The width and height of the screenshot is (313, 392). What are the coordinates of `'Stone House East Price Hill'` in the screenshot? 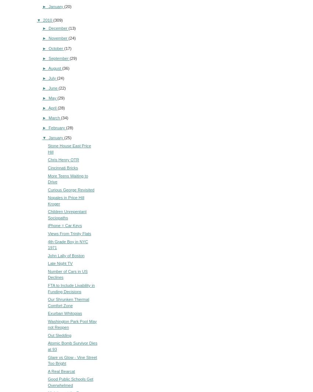 It's located at (69, 148).